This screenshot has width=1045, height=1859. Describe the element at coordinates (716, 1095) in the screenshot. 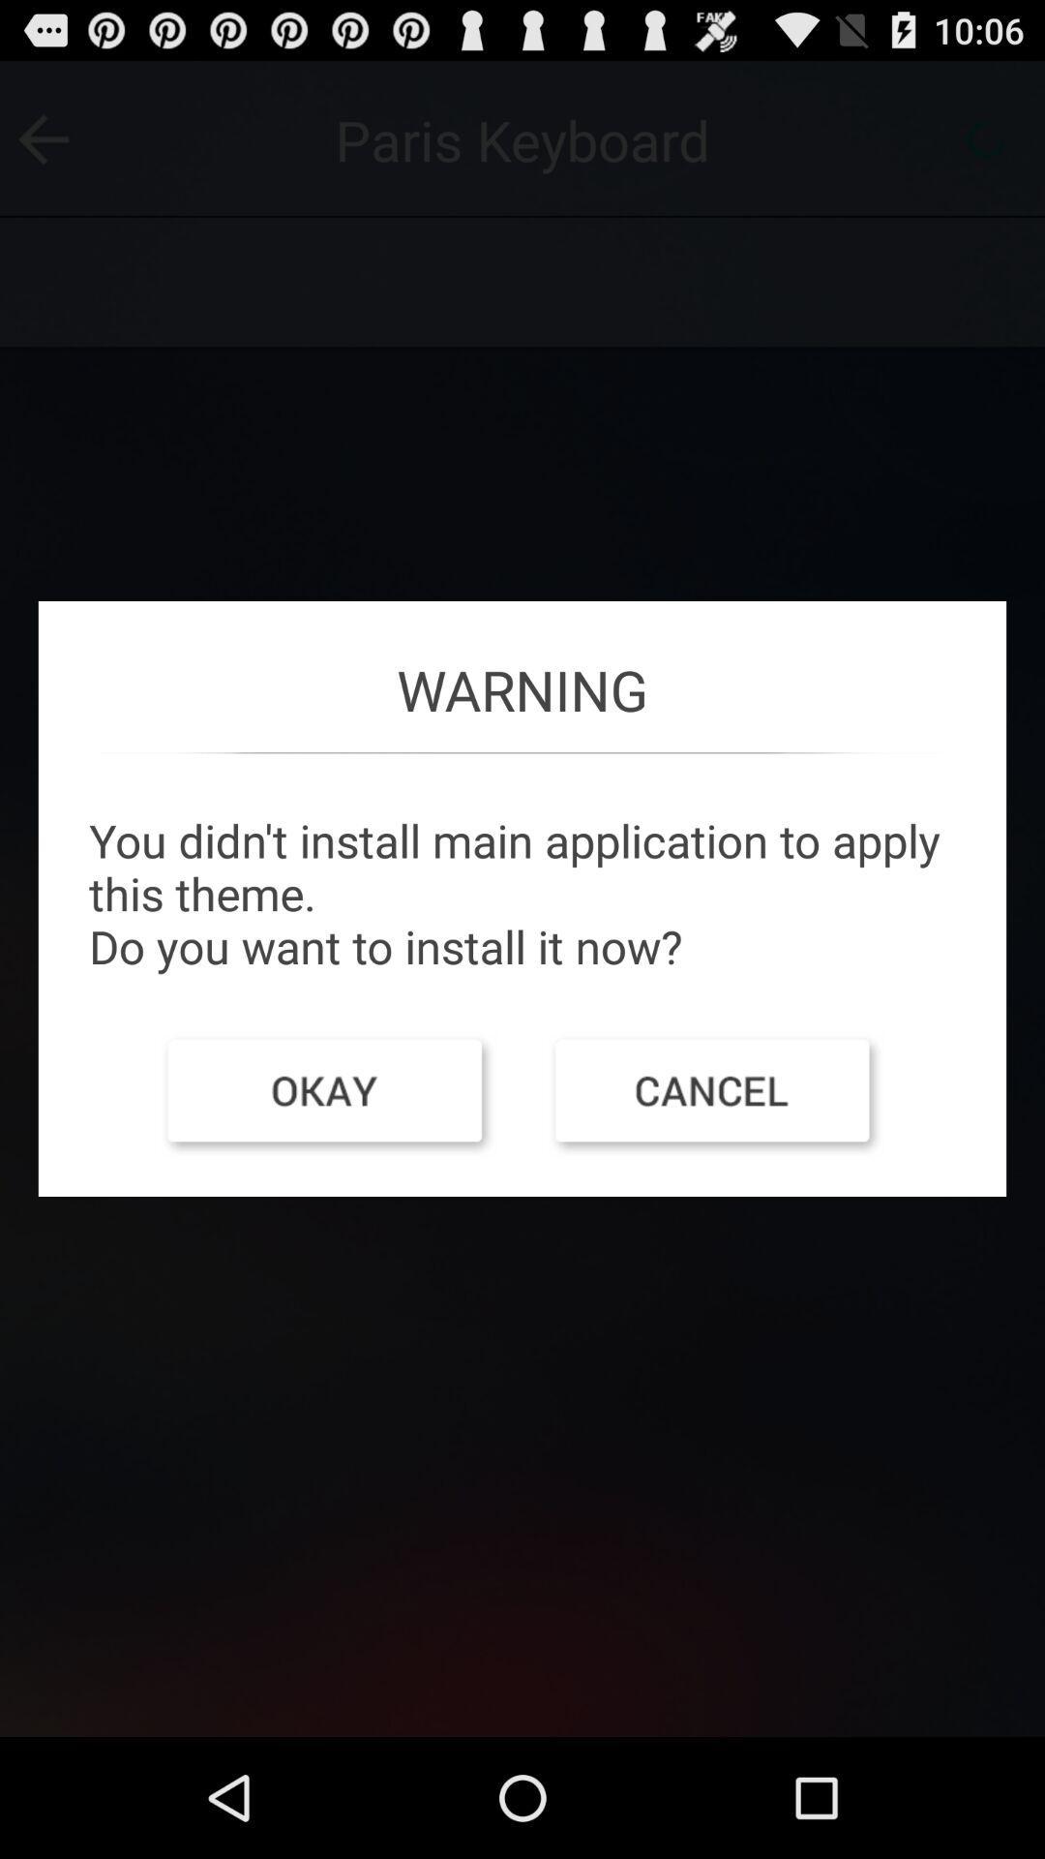

I see `the app below the you didn t item` at that location.